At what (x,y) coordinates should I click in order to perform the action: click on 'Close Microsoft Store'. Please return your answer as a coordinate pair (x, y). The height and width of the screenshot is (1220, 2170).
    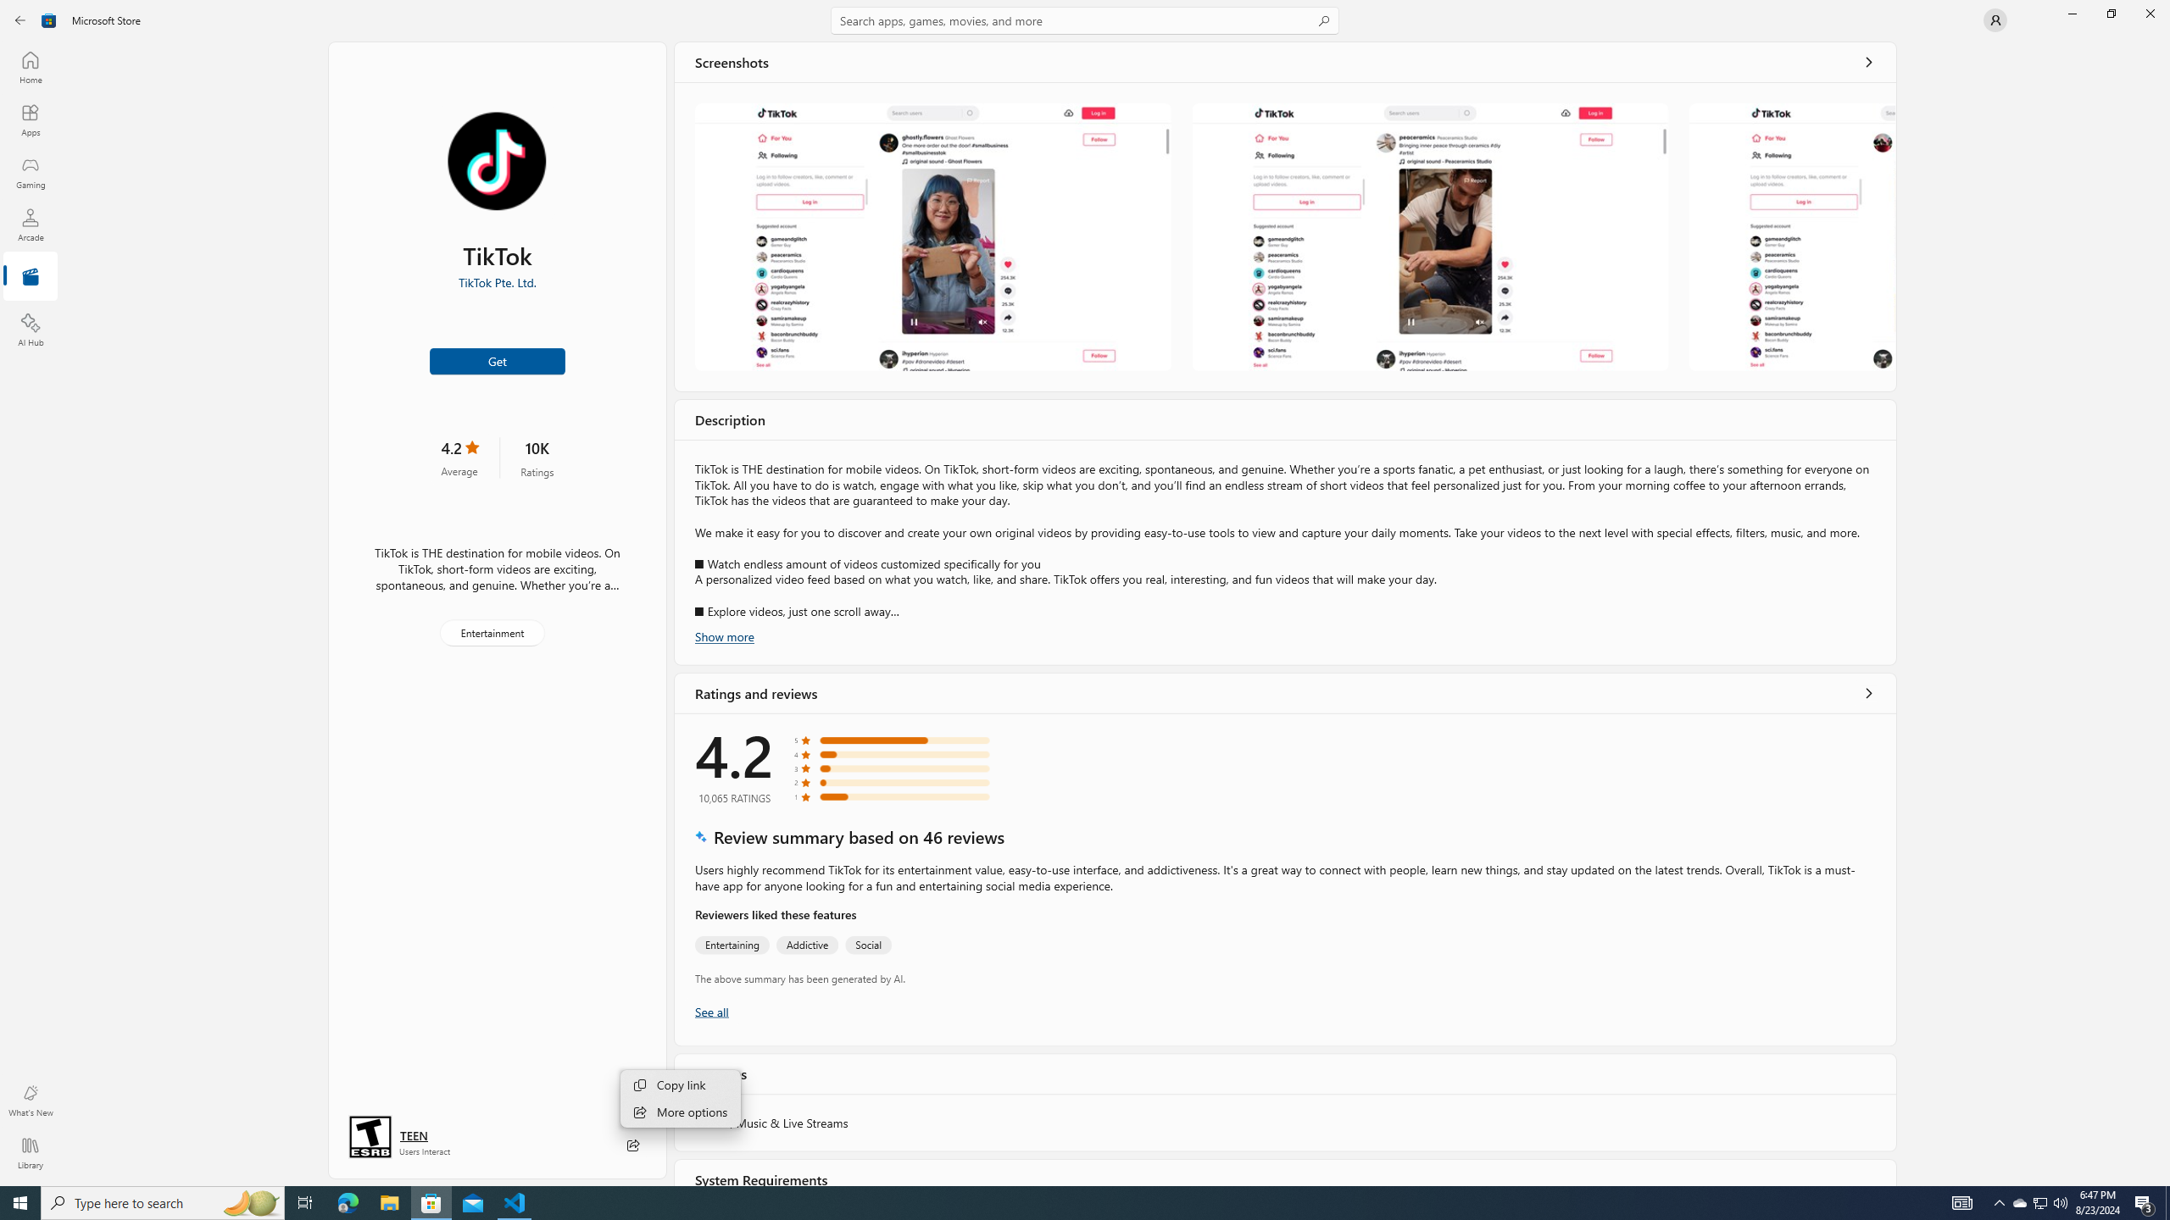
    Looking at the image, I should click on (2149, 13).